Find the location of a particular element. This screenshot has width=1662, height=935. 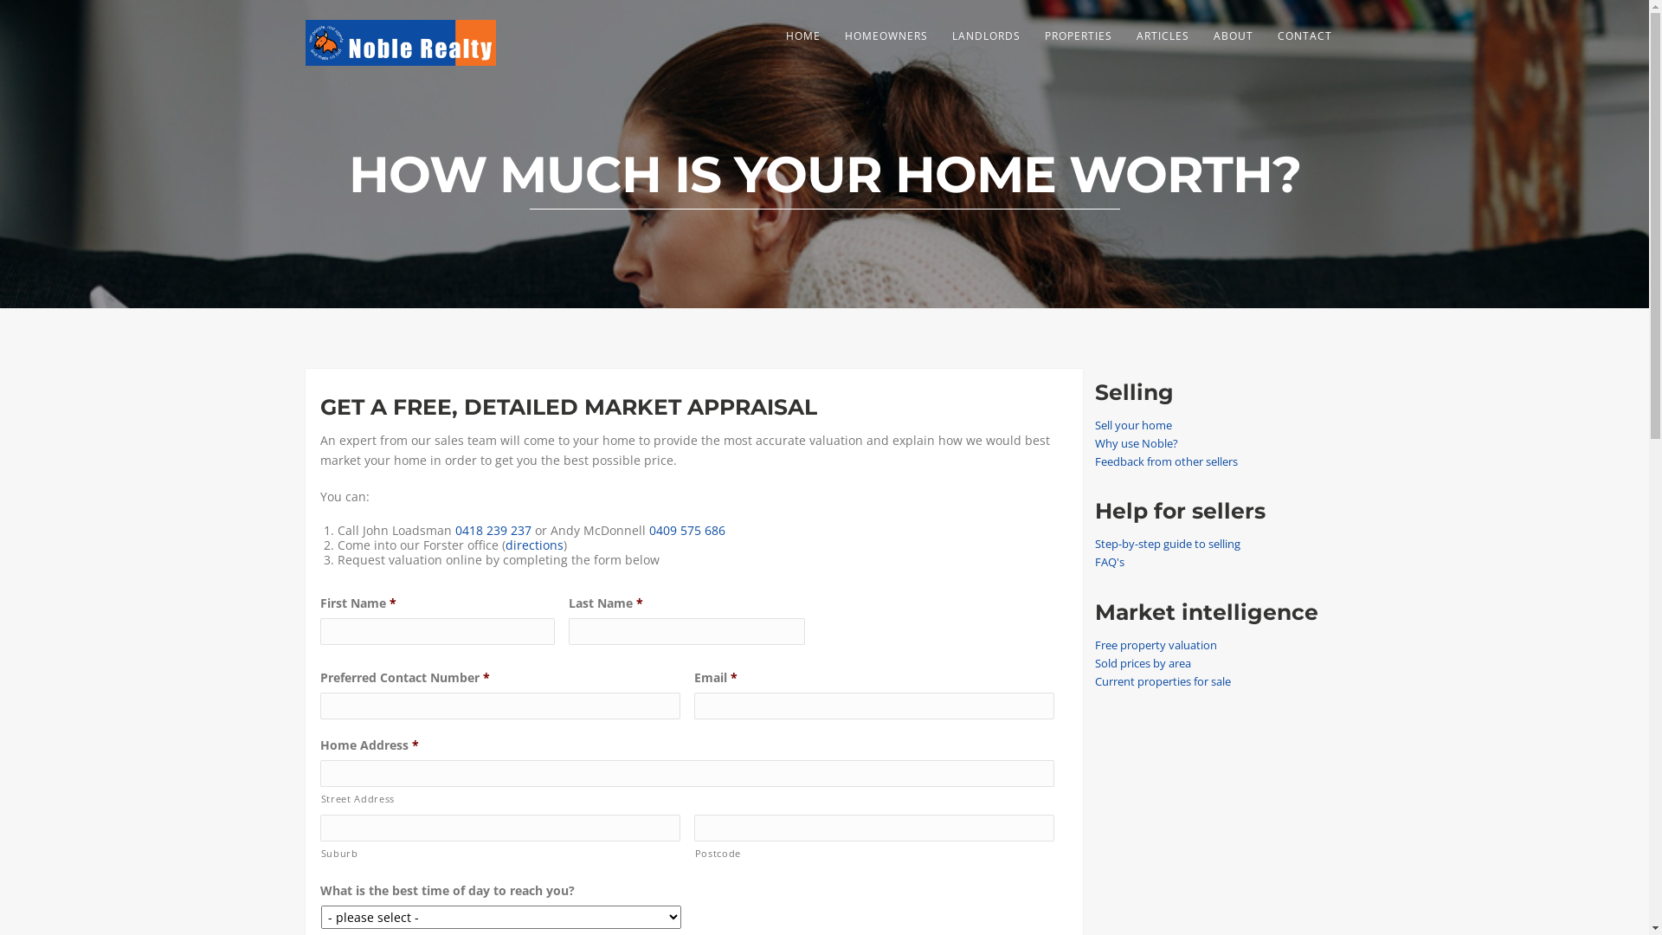

'HOME' is located at coordinates (802, 36).